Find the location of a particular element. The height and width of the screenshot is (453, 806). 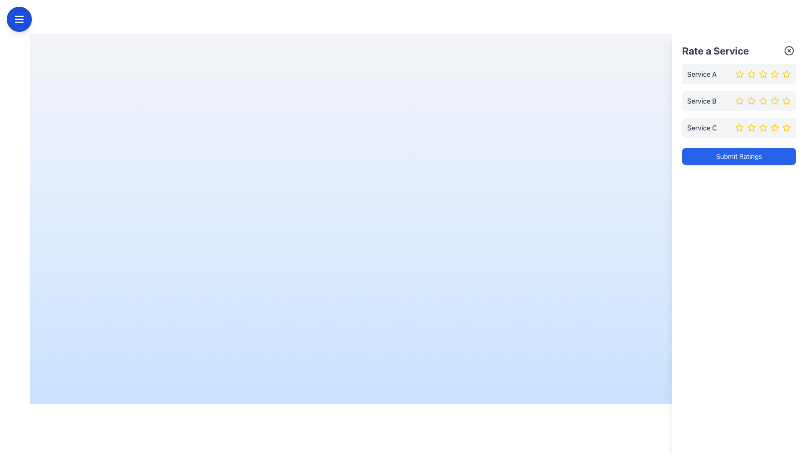

the fifth star icon in the rating system for 'Service A' located in the 'Rate a Service' section is located at coordinates (775, 74).